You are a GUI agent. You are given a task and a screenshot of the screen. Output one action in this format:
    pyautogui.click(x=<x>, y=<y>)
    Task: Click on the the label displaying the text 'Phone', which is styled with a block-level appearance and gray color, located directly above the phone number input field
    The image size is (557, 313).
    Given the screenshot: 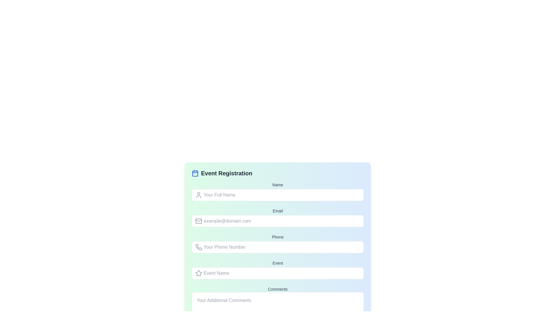 What is the action you would take?
    pyautogui.click(x=277, y=237)
    